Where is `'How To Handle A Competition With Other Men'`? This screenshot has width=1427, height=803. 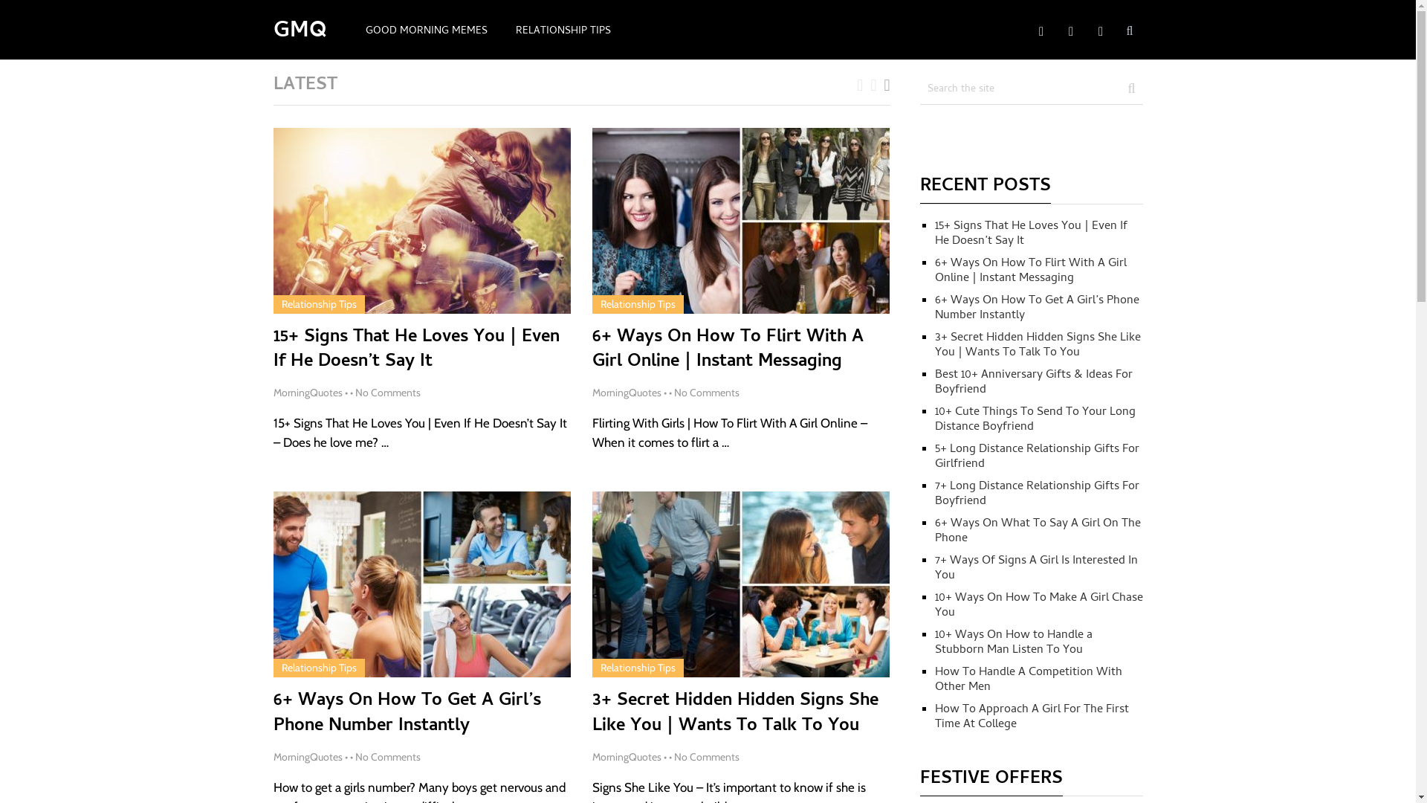
'How To Handle A Competition With Other Men' is located at coordinates (933, 680).